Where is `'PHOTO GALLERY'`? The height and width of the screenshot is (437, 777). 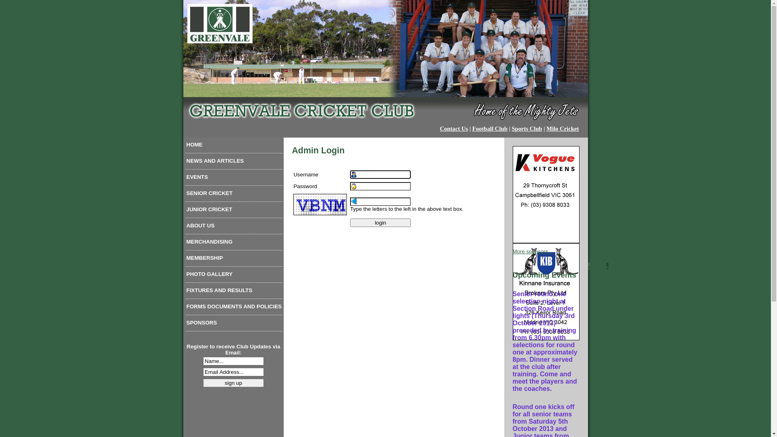
'PHOTO GALLERY' is located at coordinates (234, 276).